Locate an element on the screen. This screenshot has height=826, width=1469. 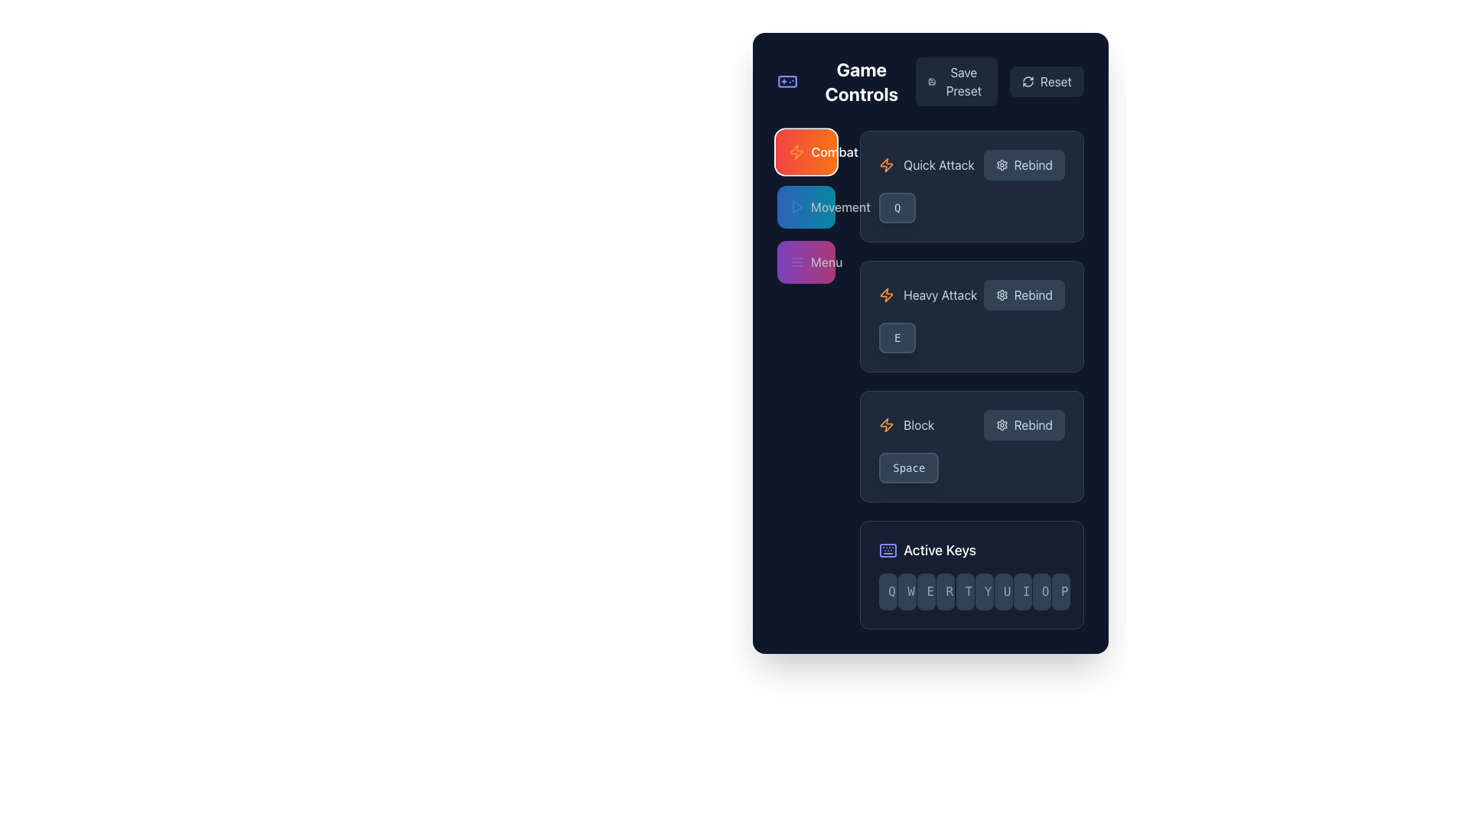
the gamepad icon with a rounded rectangle border, featuring a cross and circular designs, colored indigo, positioned before the text 'Game Controls' is located at coordinates (787, 82).